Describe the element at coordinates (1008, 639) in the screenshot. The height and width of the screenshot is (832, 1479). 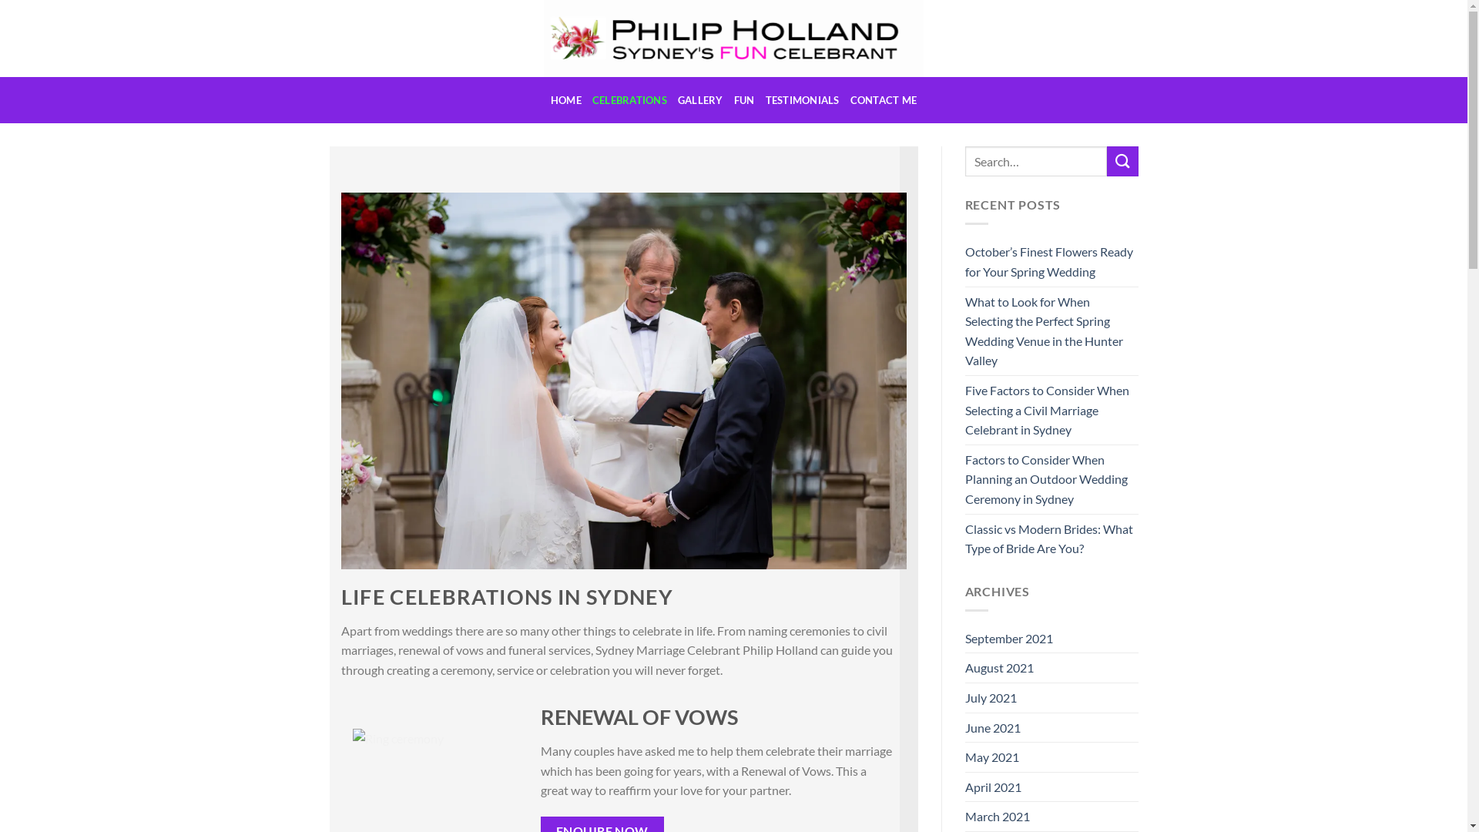
I see `'September 2021'` at that location.